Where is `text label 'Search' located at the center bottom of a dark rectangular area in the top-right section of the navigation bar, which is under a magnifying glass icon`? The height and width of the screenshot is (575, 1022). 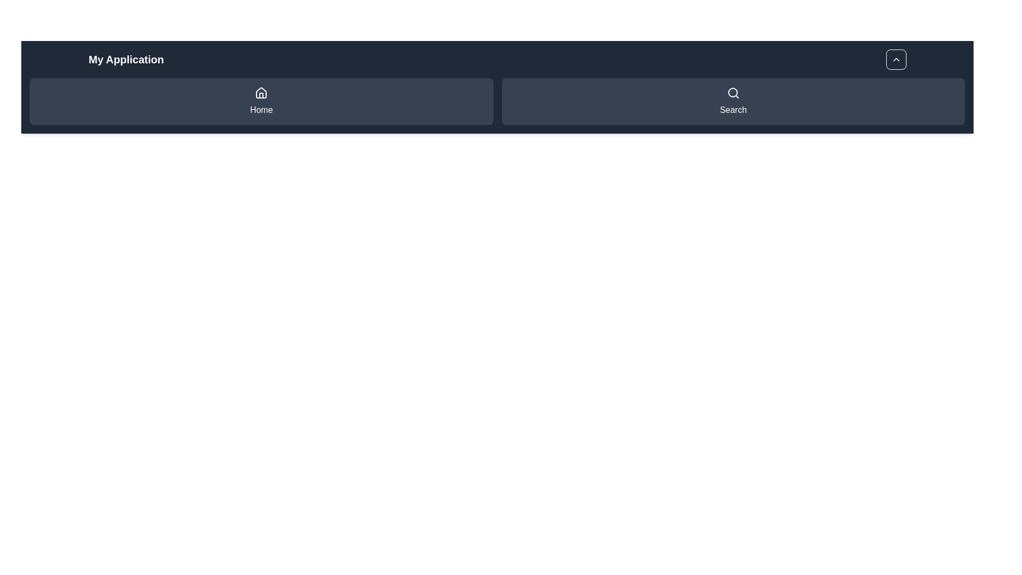 text label 'Search' located at the center bottom of a dark rectangular area in the top-right section of the navigation bar, which is under a magnifying glass icon is located at coordinates (732, 110).